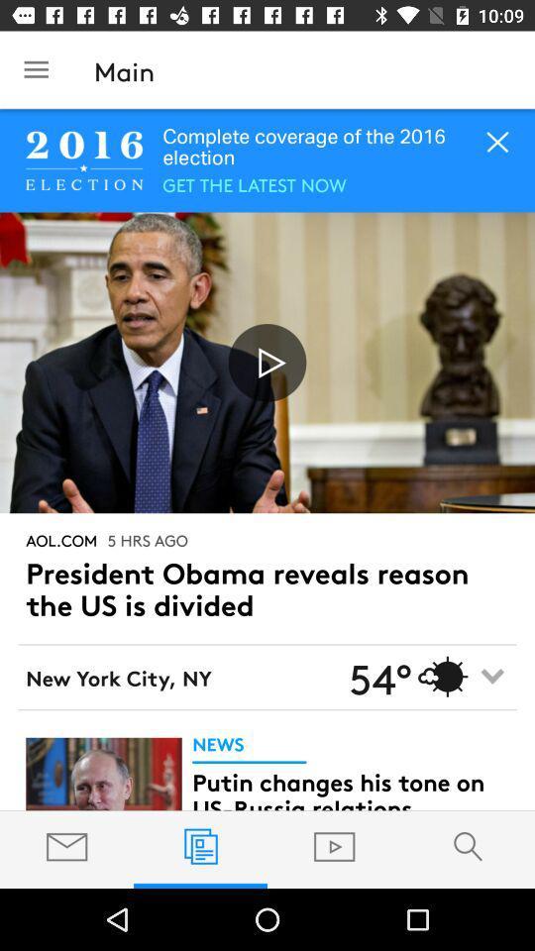 This screenshot has width=535, height=951. I want to click on video, so click(267, 362).